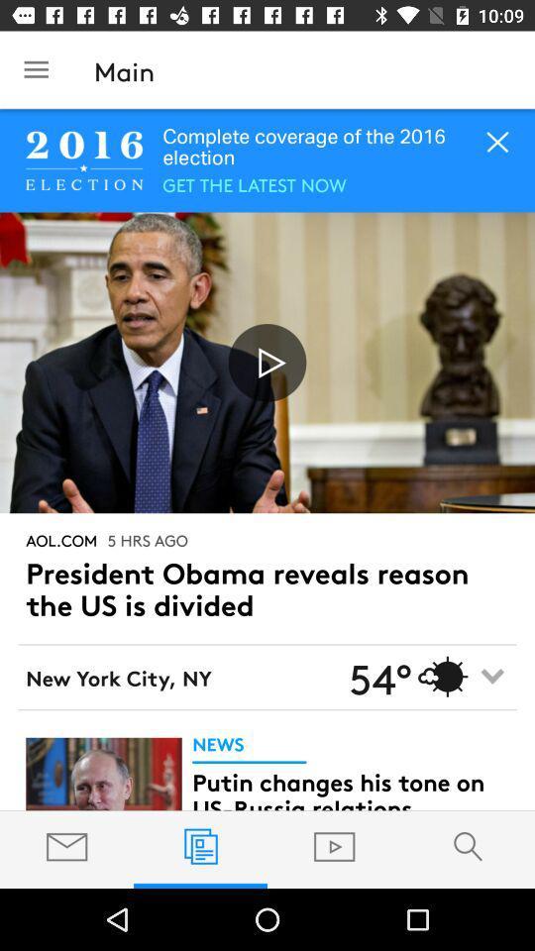 This screenshot has width=535, height=951. I want to click on video, so click(267, 362).